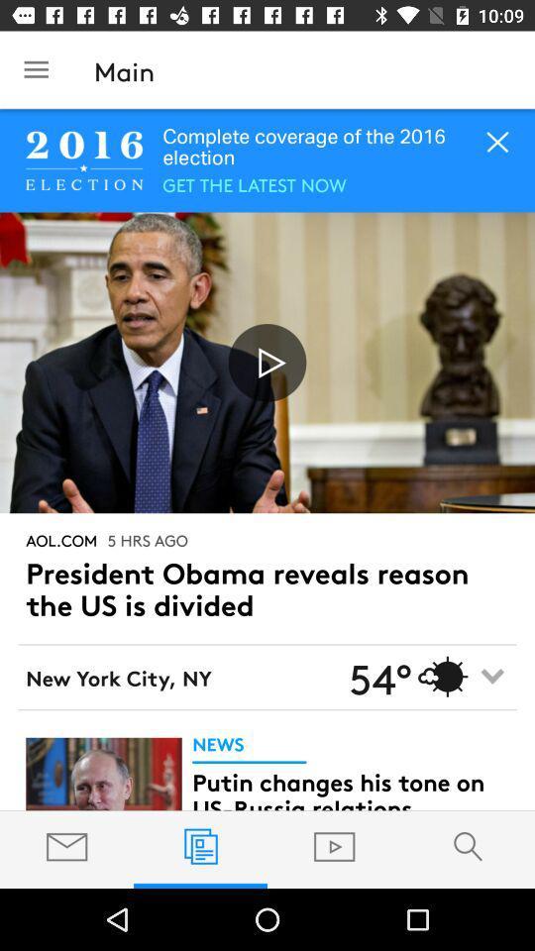 This screenshot has width=535, height=951. I want to click on video, so click(267, 362).